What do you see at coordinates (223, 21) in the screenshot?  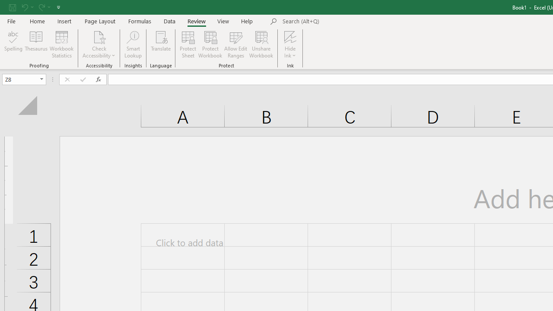 I see `'View'` at bounding box center [223, 21].